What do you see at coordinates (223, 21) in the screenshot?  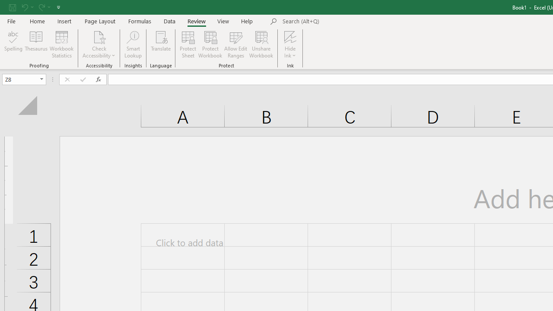 I see `'View'` at bounding box center [223, 21].